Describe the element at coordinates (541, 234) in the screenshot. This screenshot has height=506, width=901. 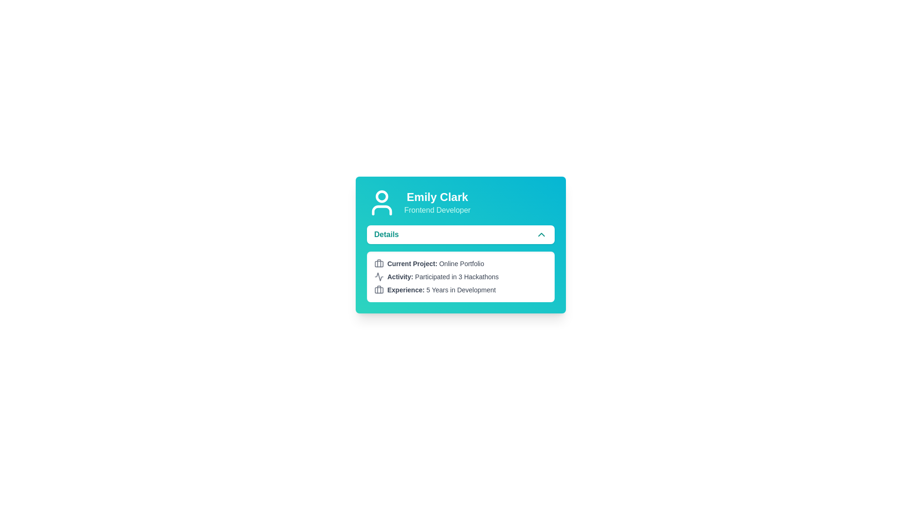
I see `the right-aligned icon in the header of the teal card labeled 'Details'` at that location.